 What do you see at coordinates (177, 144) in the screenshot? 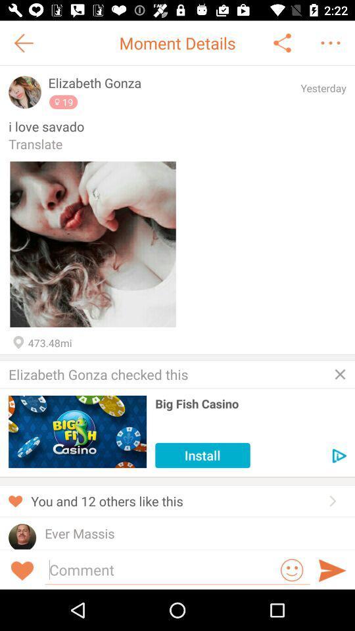
I see `the translate app` at bounding box center [177, 144].